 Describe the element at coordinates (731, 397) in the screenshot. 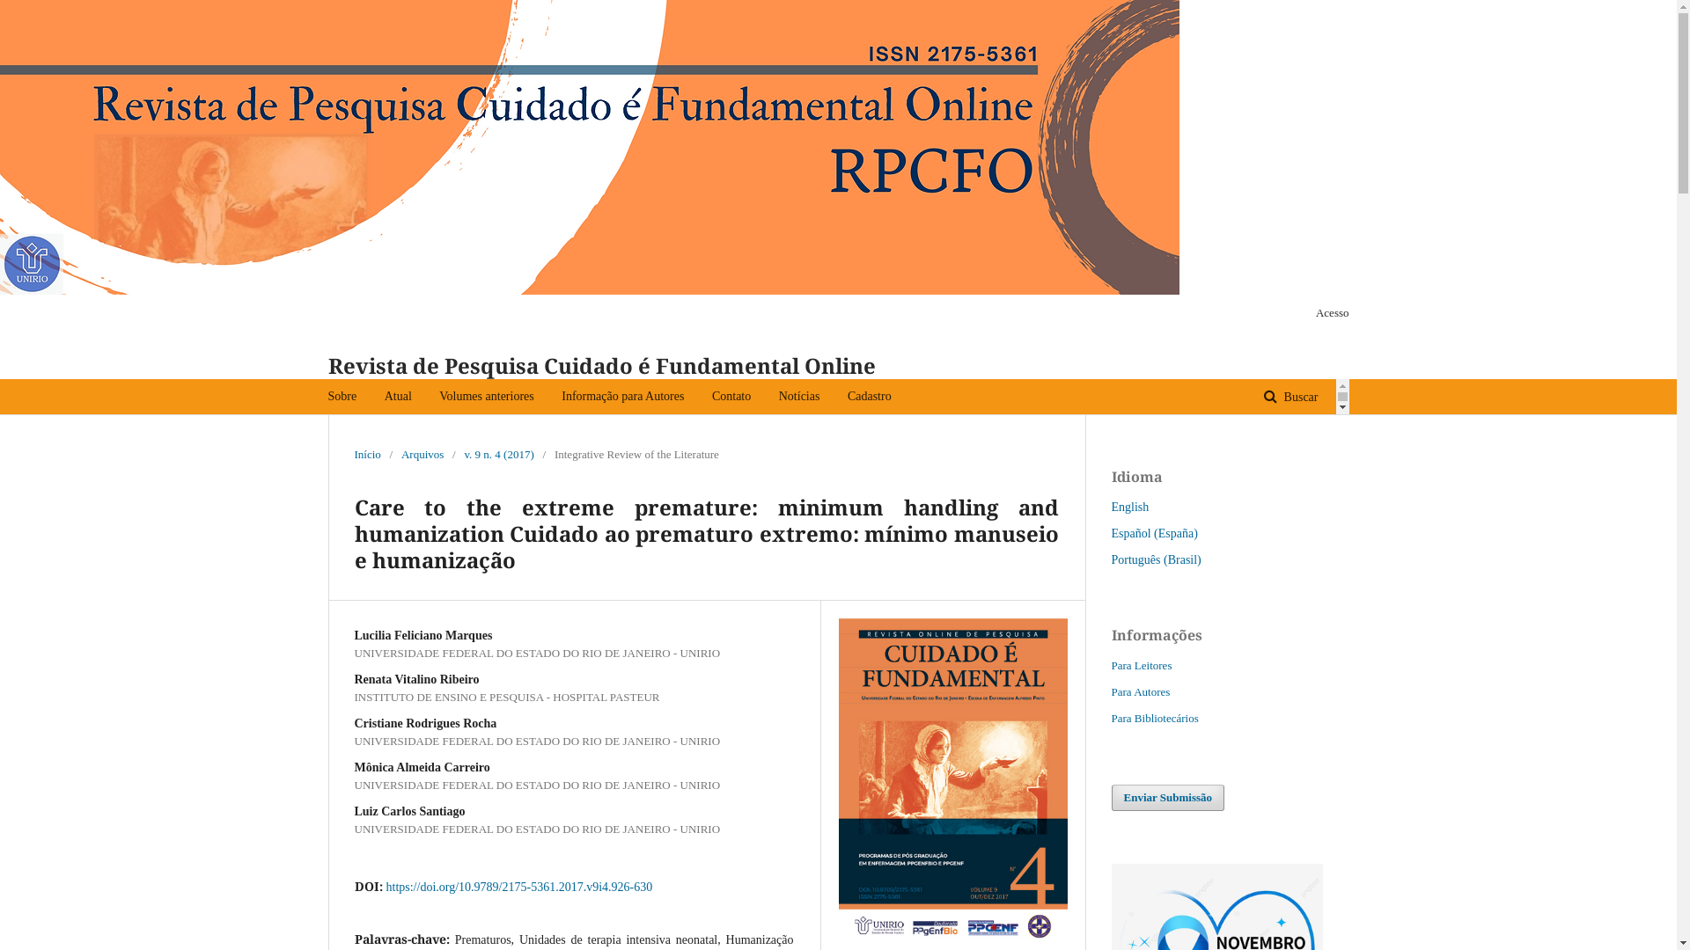

I see `'Contato'` at that location.